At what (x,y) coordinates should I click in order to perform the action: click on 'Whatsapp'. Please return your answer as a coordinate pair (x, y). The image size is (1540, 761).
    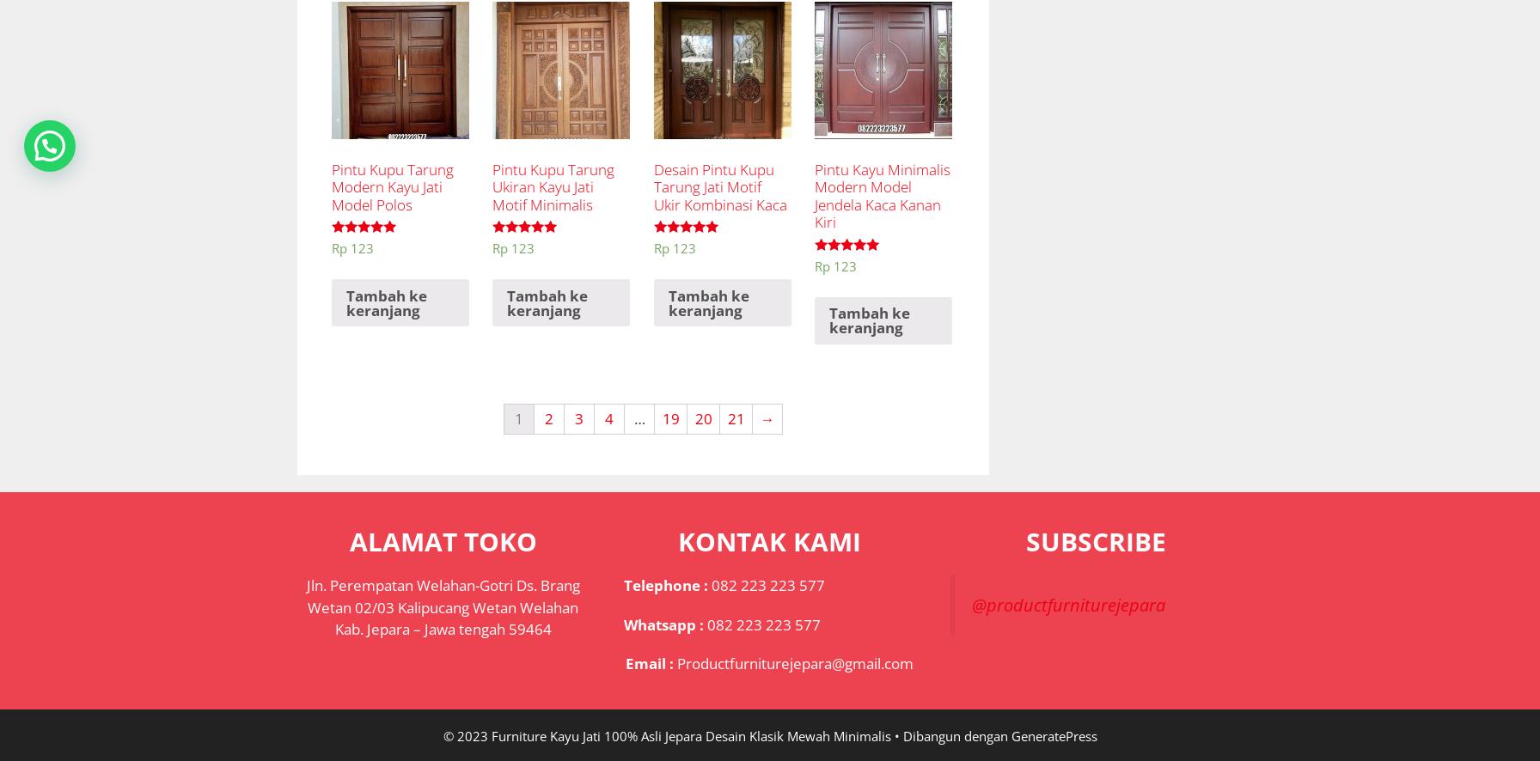
    Looking at the image, I should click on (658, 624).